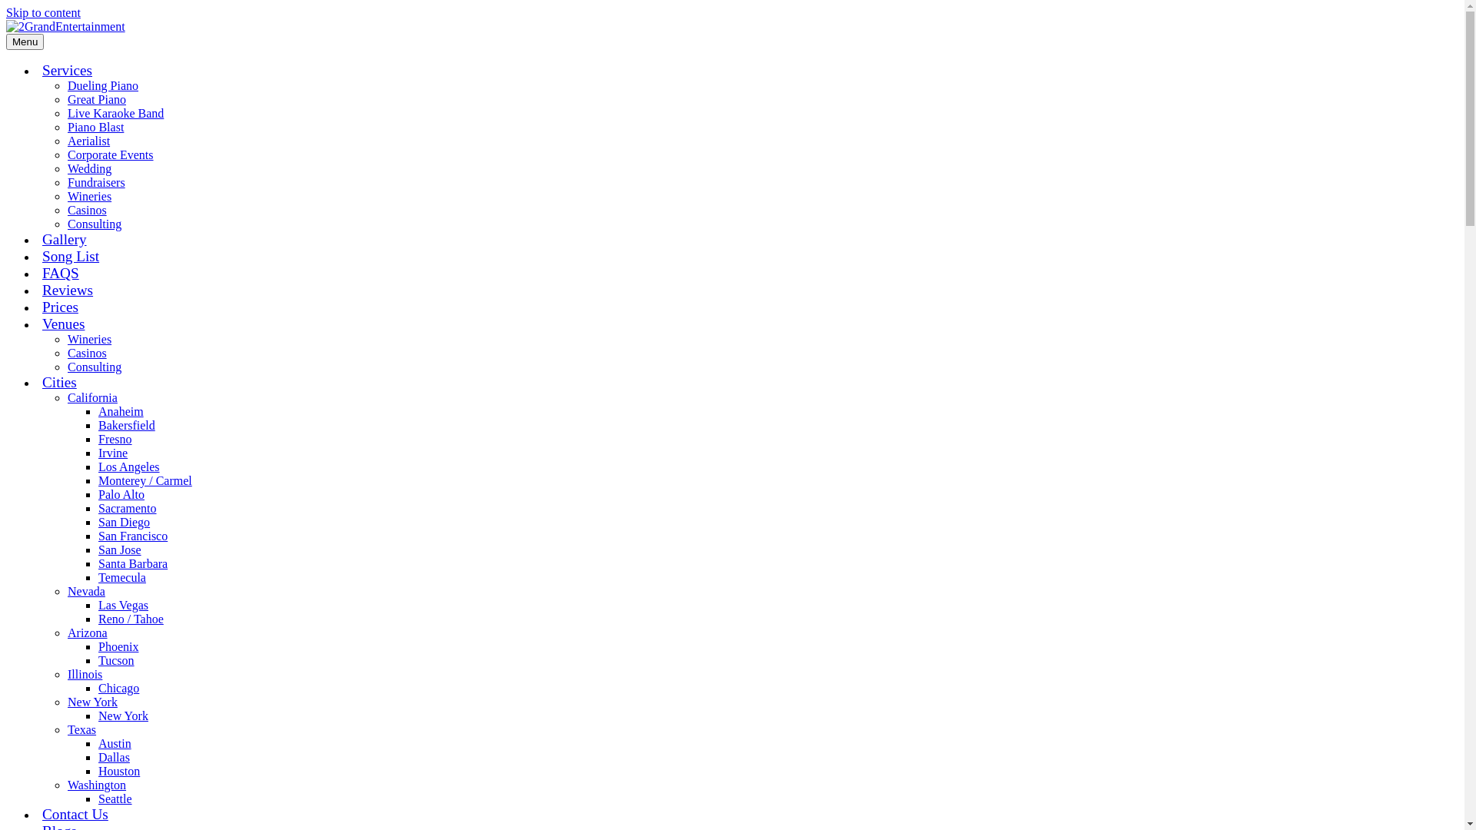 The height and width of the screenshot is (830, 1476). What do you see at coordinates (94, 224) in the screenshot?
I see `'Consulting'` at bounding box center [94, 224].